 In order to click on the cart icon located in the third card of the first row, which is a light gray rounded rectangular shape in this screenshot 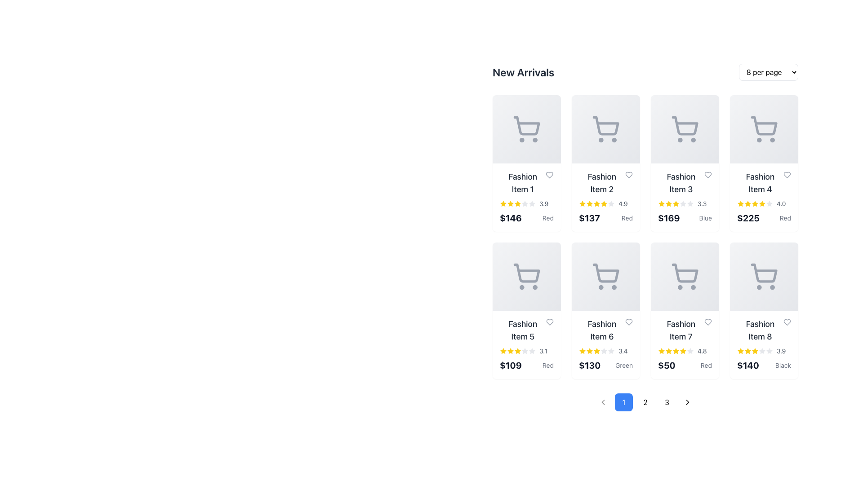, I will do `click(685, 126)`.